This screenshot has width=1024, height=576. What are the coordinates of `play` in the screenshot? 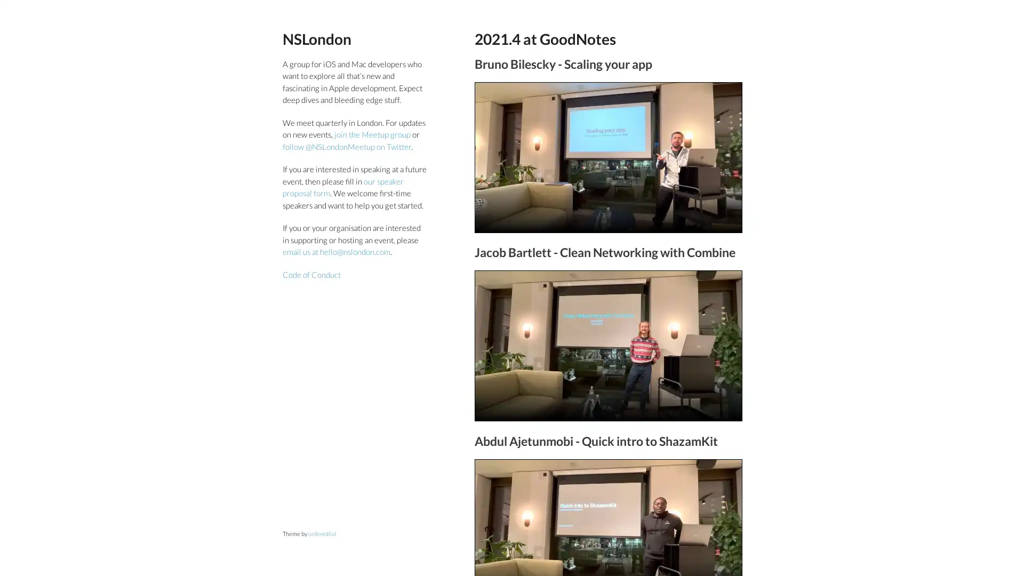 It's located at (487, 395).